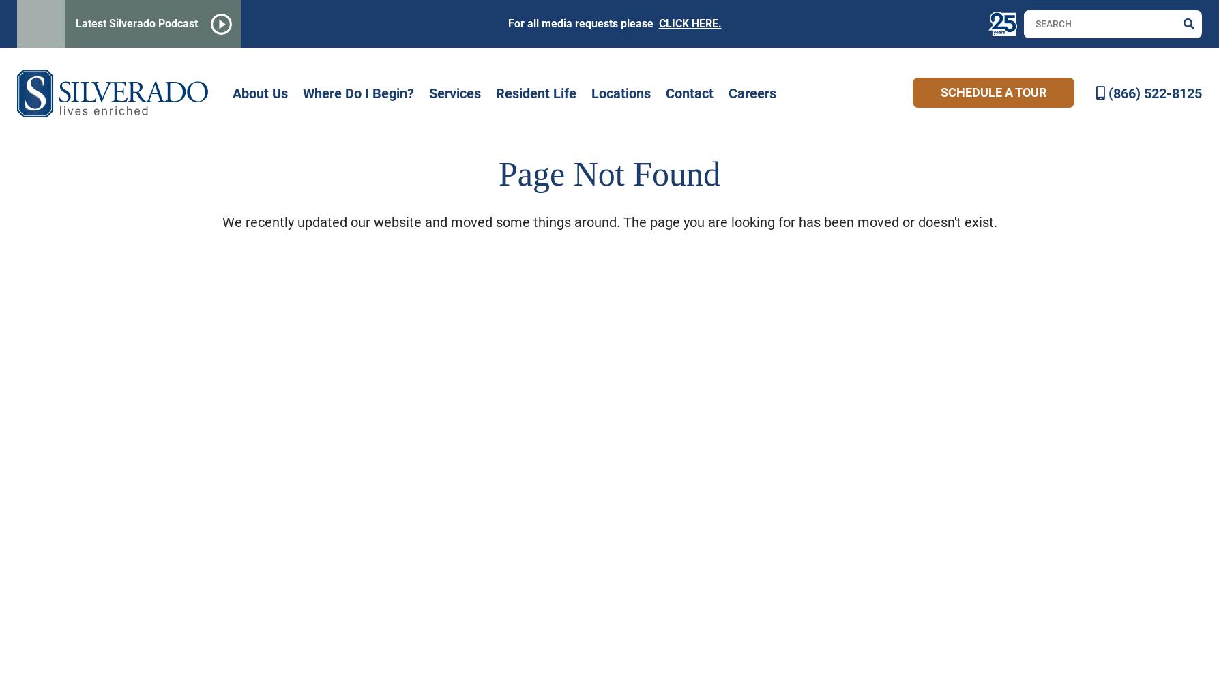 The width and height of the screenshot is (1219, 682). What do you see at coordinates (358, 93) in the screenshot?
I see `'Where Do I Begin?'` at bounding box center [358, 93].